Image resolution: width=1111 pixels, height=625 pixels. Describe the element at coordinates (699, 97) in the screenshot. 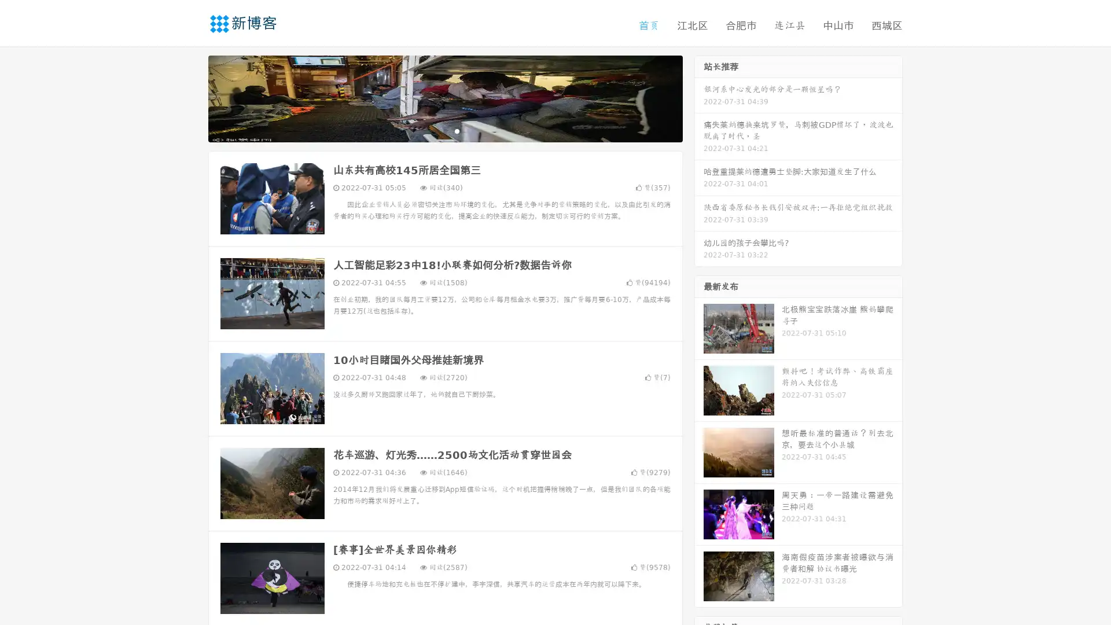

I see `Next slide` at that location.